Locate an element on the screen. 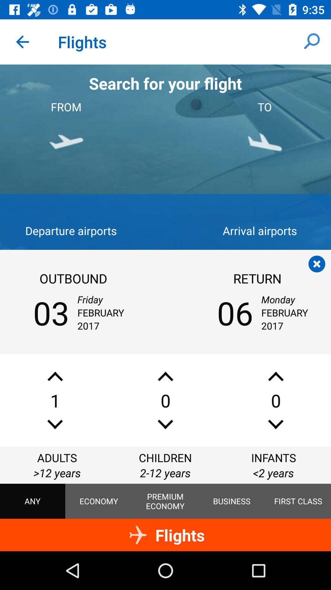 This screenshot has width=331, height=590. the button next to business is located at coordinates (298, 501).